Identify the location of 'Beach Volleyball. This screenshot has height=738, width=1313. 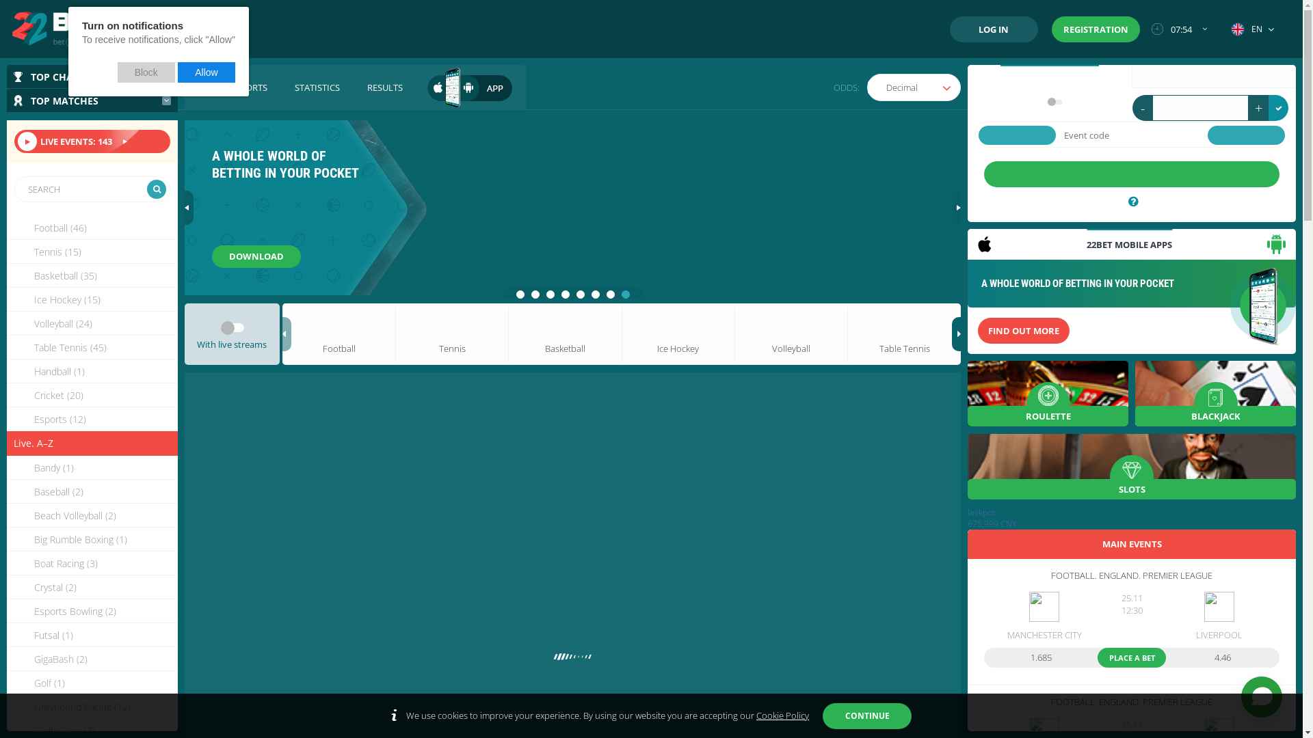
(91, 515).